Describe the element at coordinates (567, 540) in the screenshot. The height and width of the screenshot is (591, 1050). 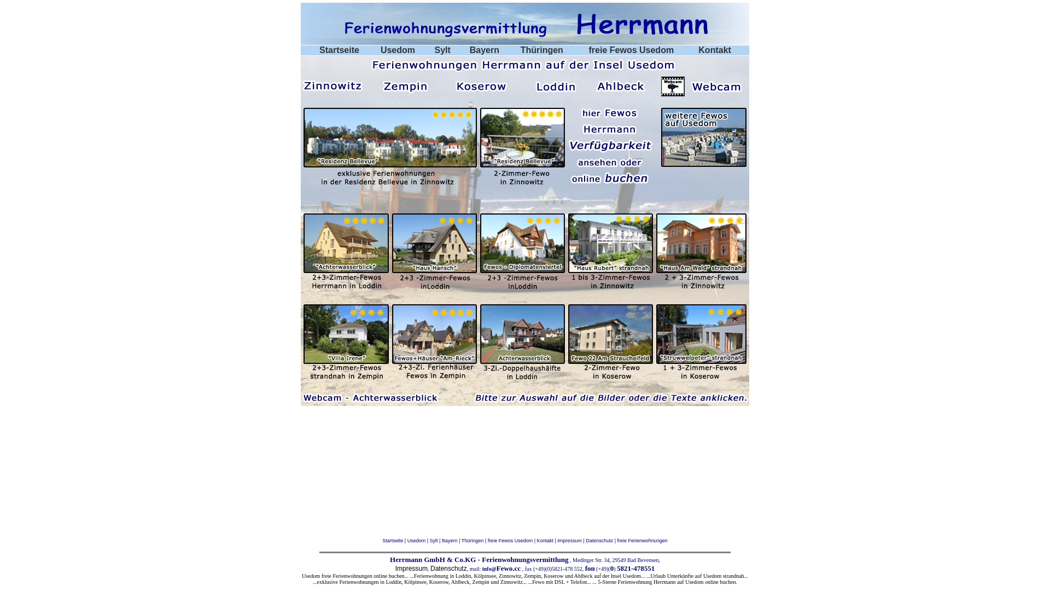
I see `' | Impressum'` at that location.